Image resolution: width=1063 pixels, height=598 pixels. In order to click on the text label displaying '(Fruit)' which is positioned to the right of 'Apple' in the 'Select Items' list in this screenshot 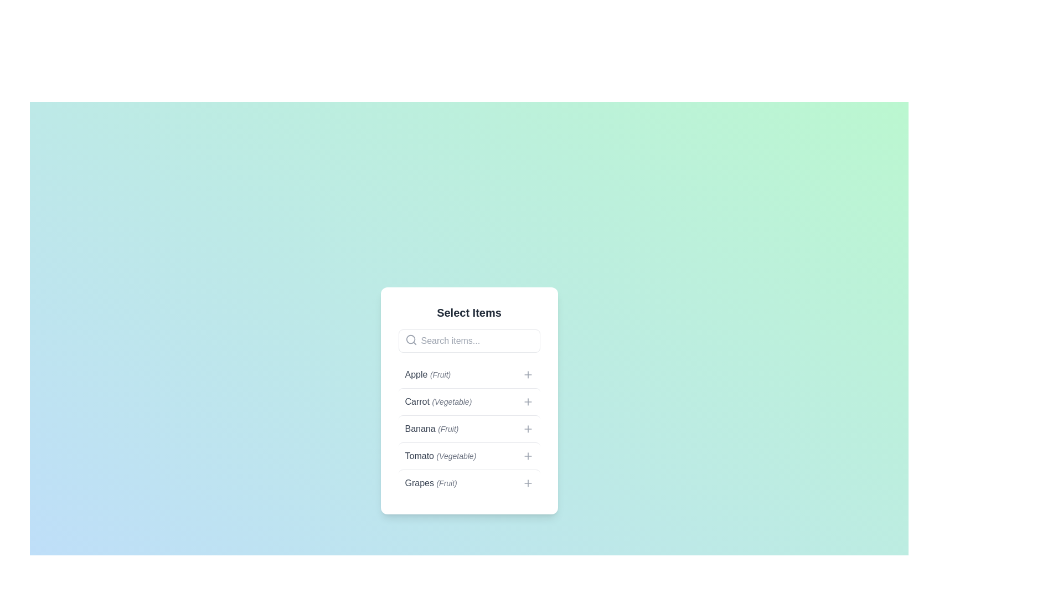, I will do `click(440, 374)`.